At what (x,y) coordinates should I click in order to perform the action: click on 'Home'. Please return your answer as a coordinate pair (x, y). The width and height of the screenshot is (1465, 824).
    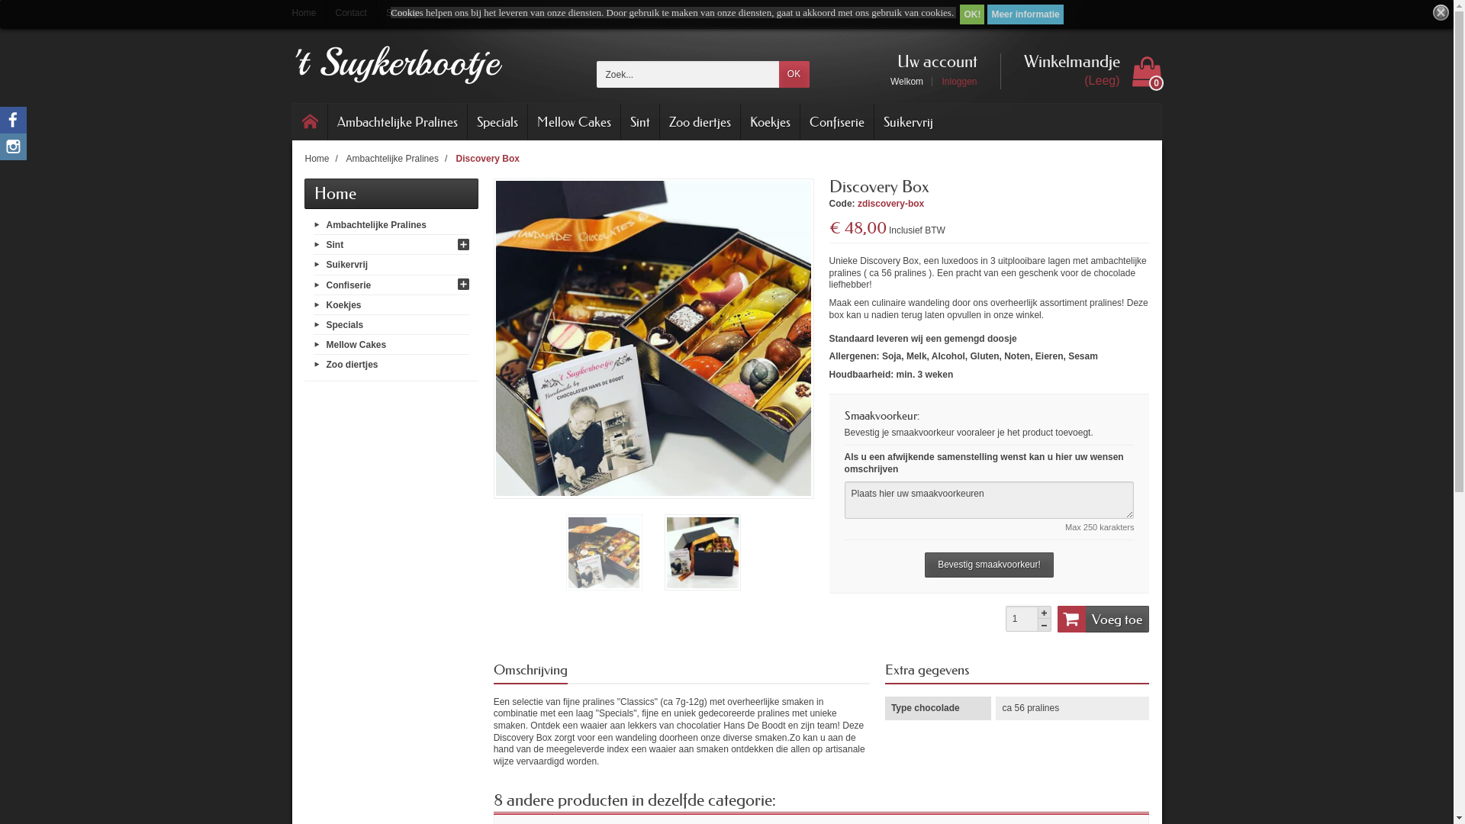
    Looking at the image, I should click on (317, 159).